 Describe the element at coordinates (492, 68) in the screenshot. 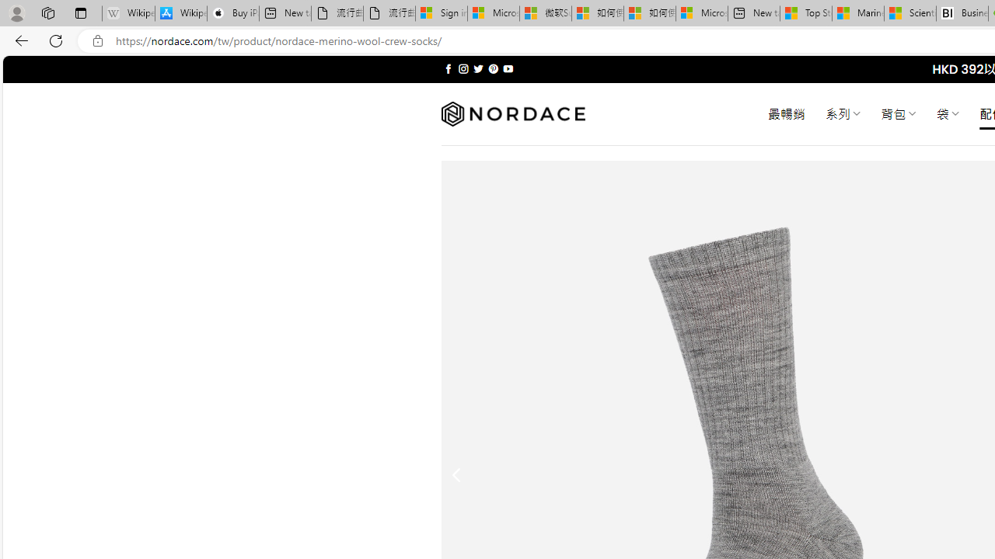

I see `'Follow on Pinterest'` at that location.